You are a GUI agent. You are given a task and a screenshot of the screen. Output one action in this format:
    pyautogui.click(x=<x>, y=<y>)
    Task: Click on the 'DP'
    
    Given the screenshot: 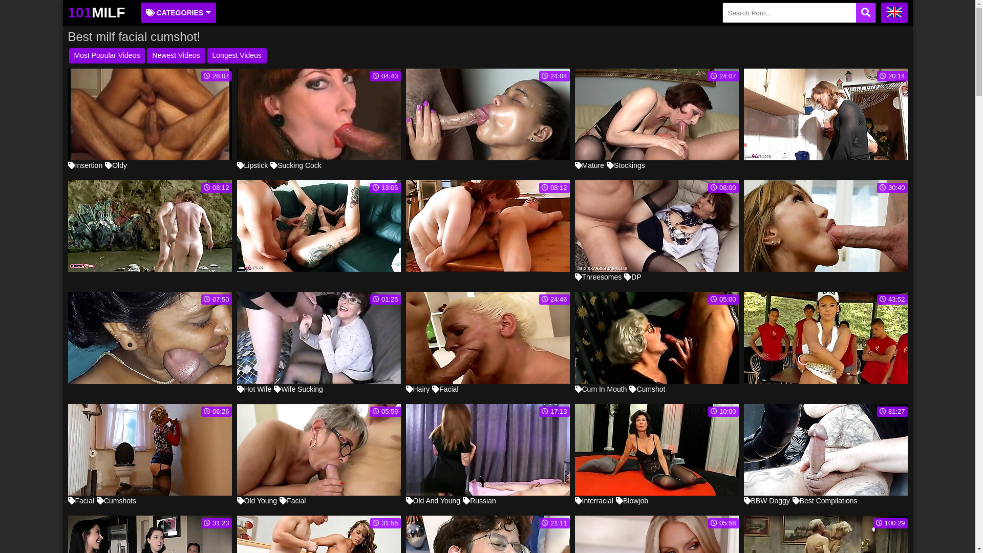 What is the action you would take?
    pyautogui.click(x=624, y=276)
    